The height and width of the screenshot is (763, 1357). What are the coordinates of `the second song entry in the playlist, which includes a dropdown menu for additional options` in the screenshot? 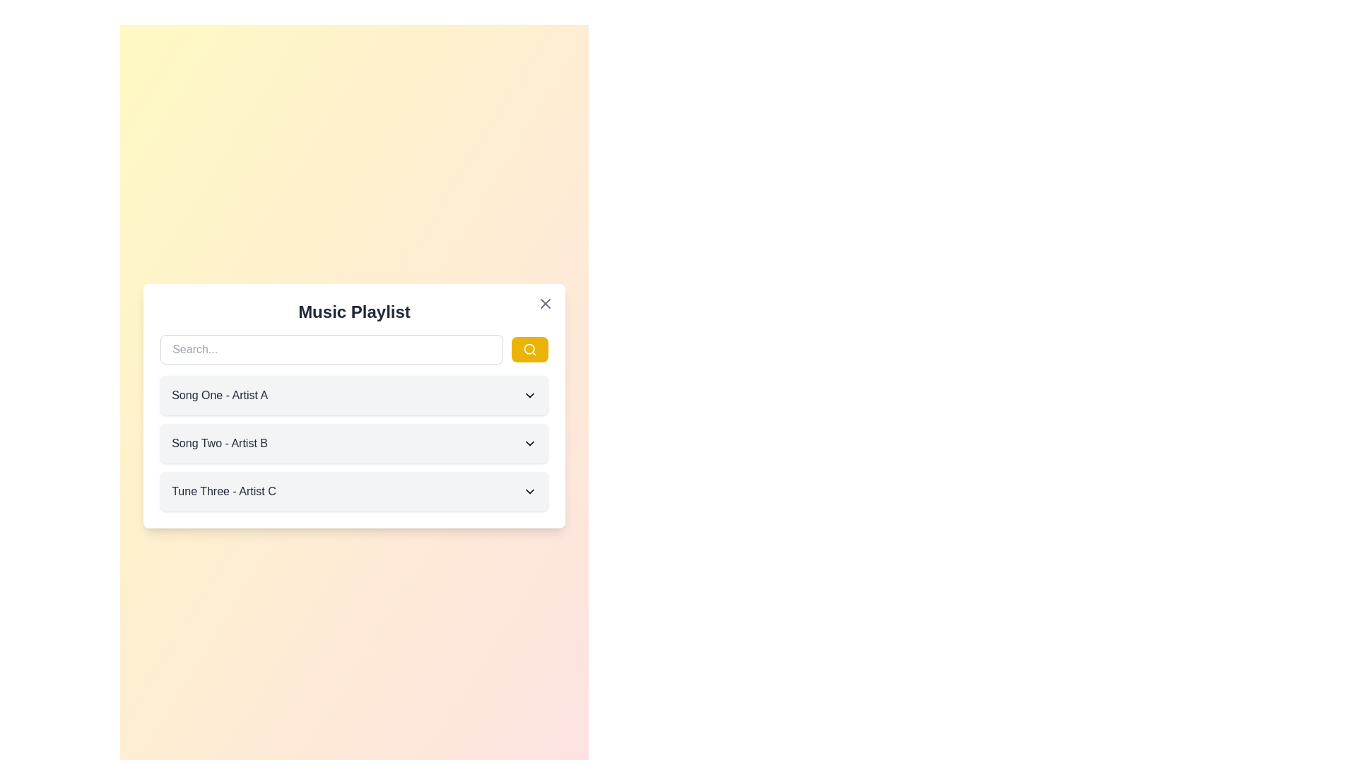 It's located at (354, 443).